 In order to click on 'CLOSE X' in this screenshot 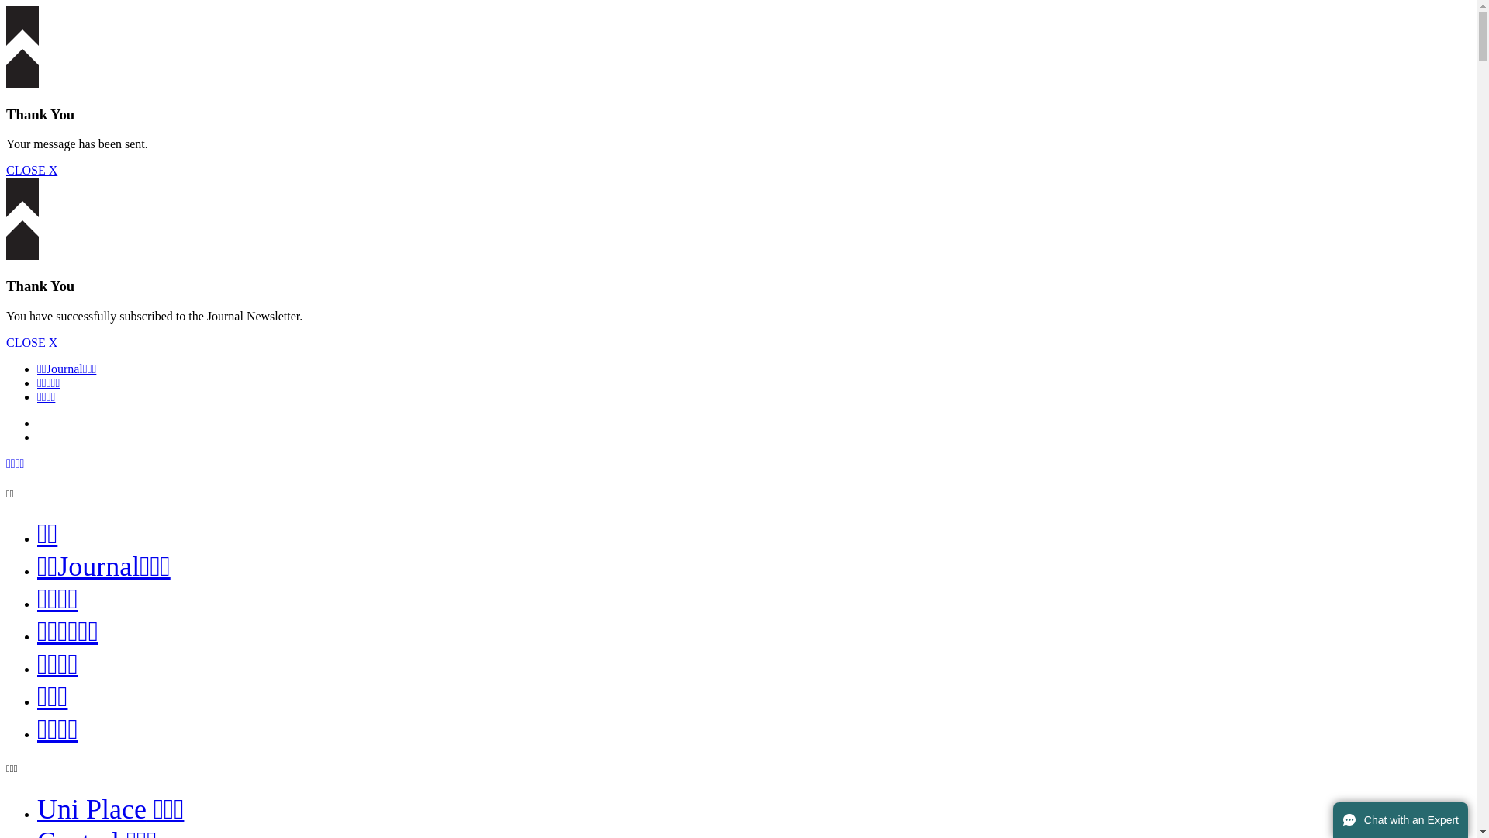, I will do `click(32, 341)`.